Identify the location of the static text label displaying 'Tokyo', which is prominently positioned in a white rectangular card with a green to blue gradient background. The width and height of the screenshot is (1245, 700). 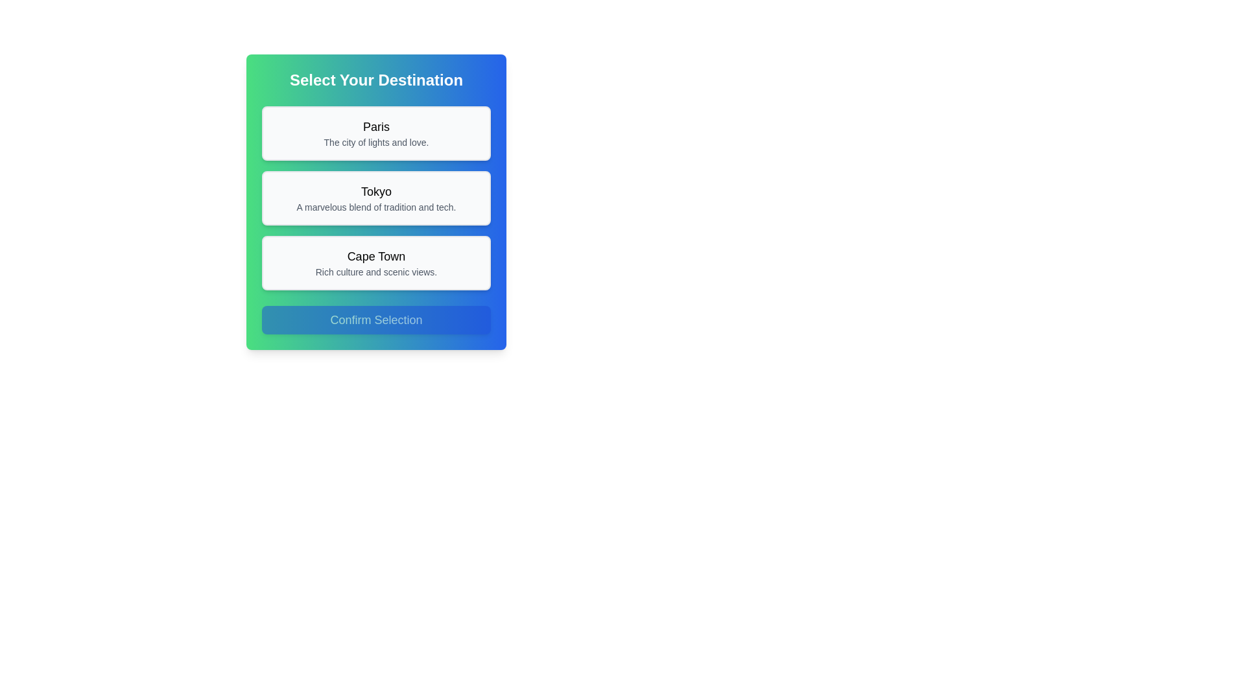
(375, 192).